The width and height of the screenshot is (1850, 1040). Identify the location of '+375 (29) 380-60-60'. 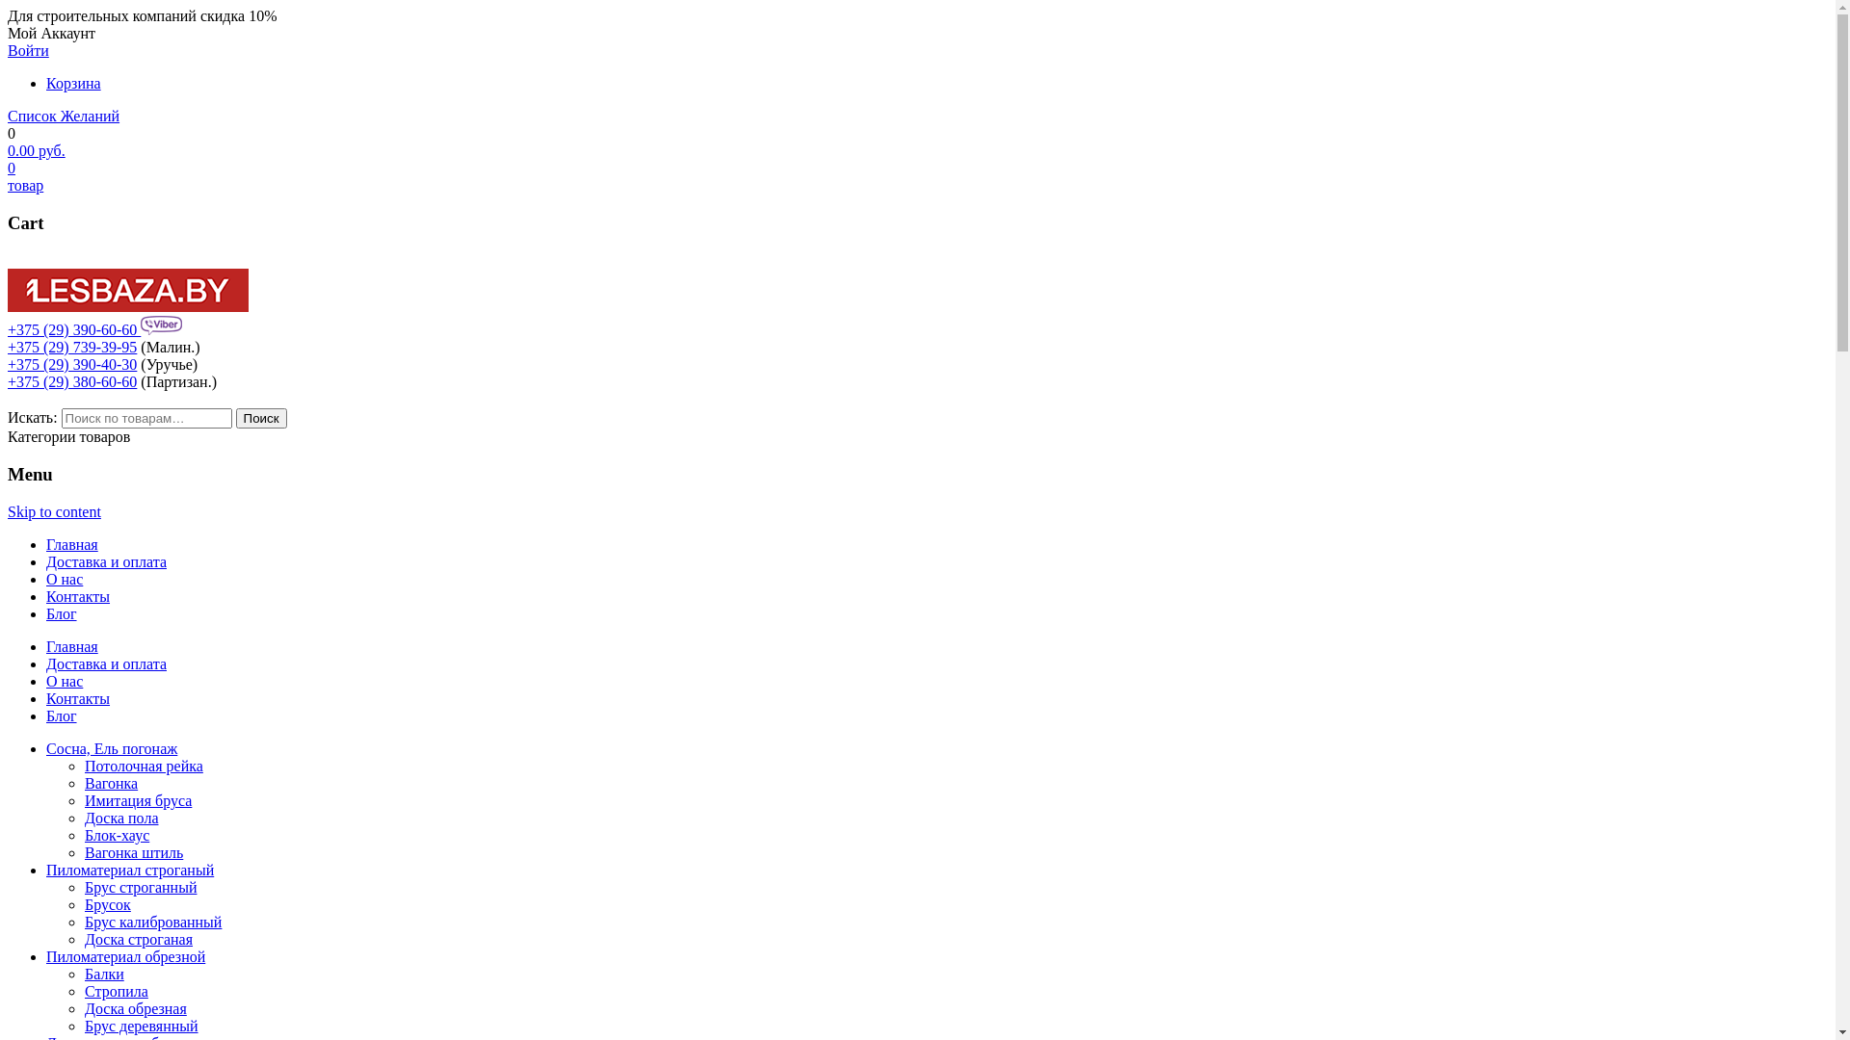
(72, 381).